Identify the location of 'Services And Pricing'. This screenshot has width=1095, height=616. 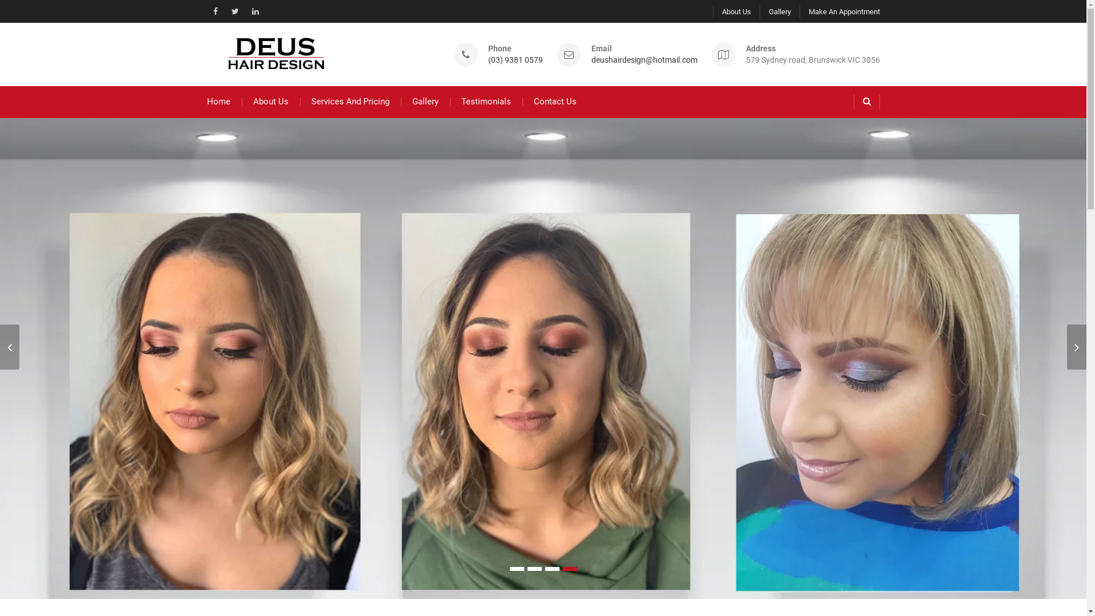
(350, 101).